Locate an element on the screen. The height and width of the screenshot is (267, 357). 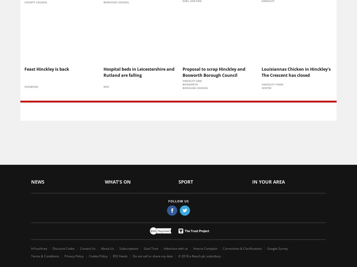
'Hospital beds in Leicestershire and Rutland are falling' is located at coordinates (104, 71).